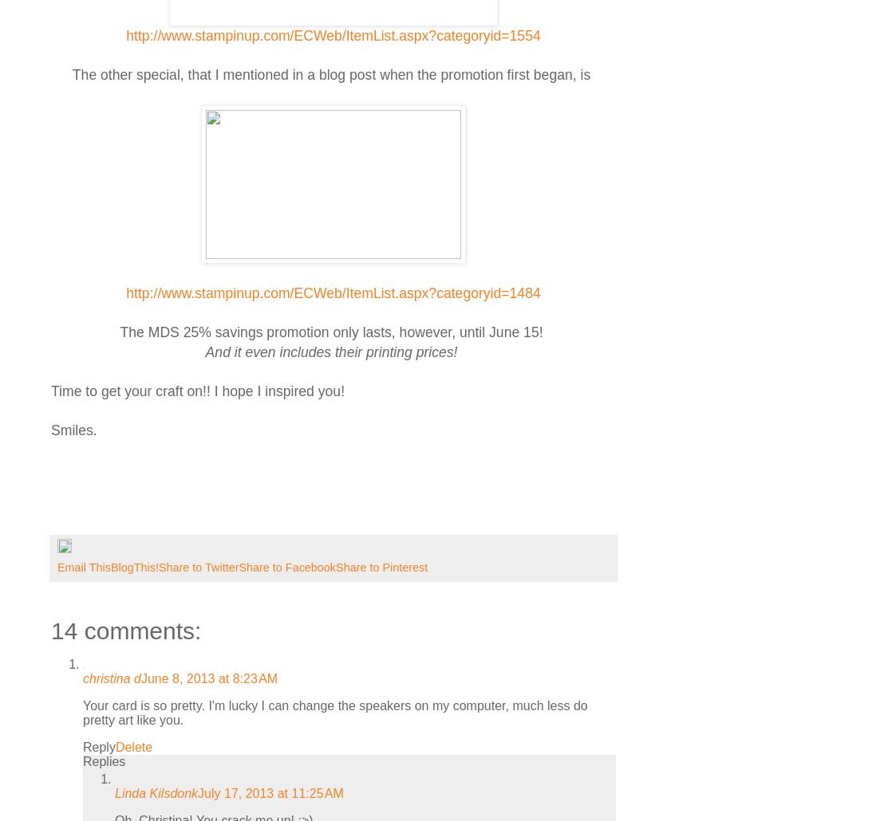  I want to click on 'July 17, 2013 at 11:25 AM', so click(196, 792).